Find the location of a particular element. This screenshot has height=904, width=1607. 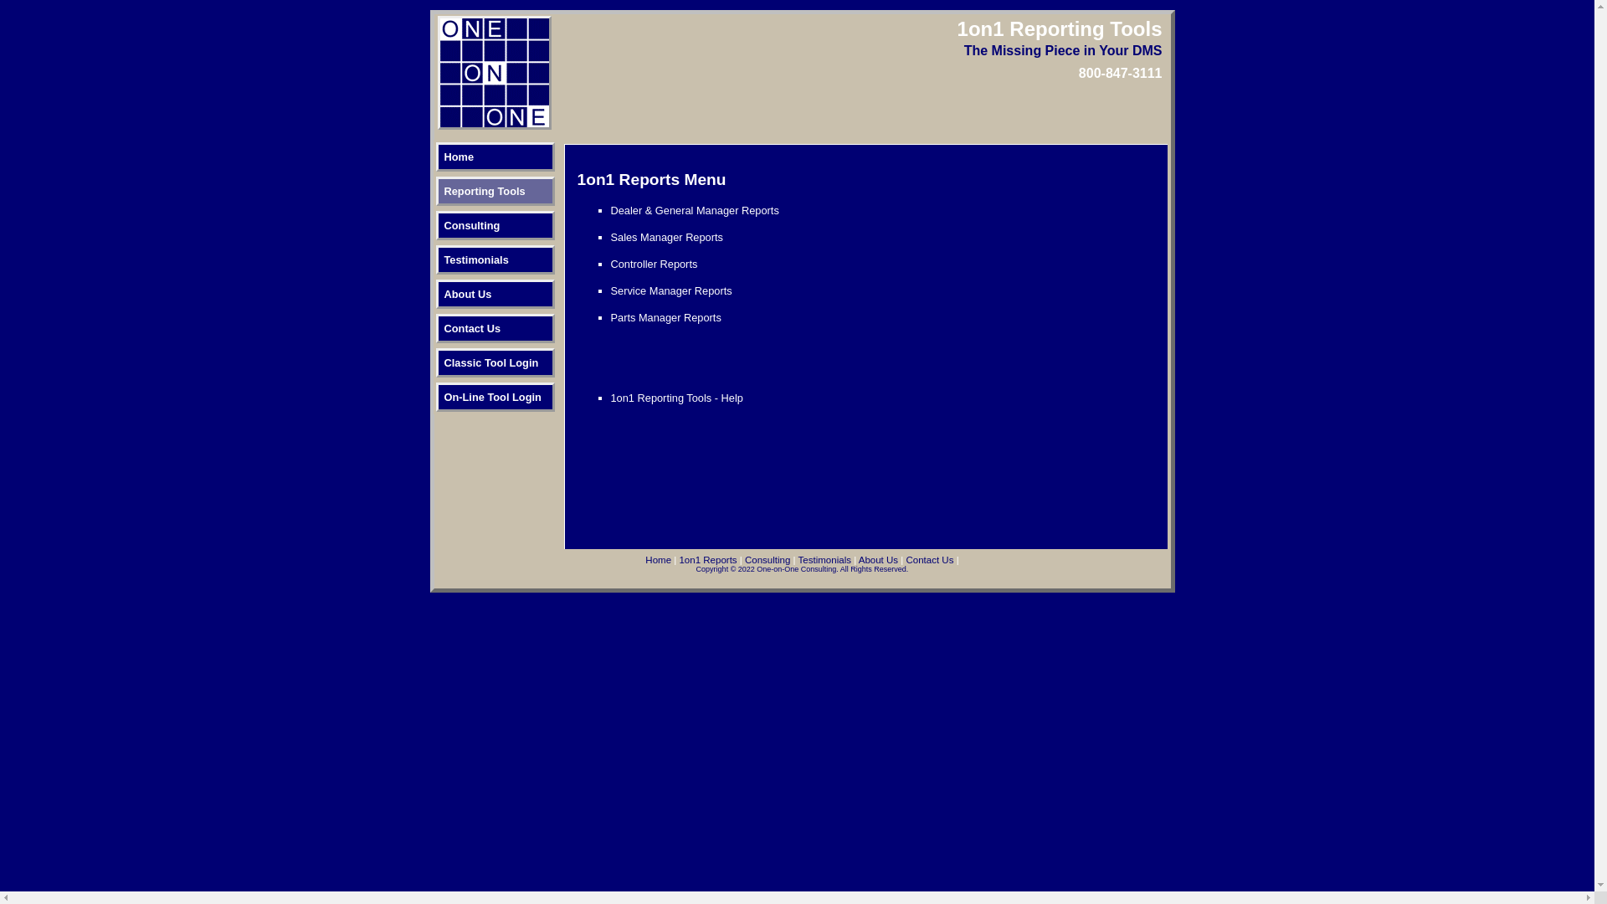

'Reporting Tools' is located at coordinates (493, 190).